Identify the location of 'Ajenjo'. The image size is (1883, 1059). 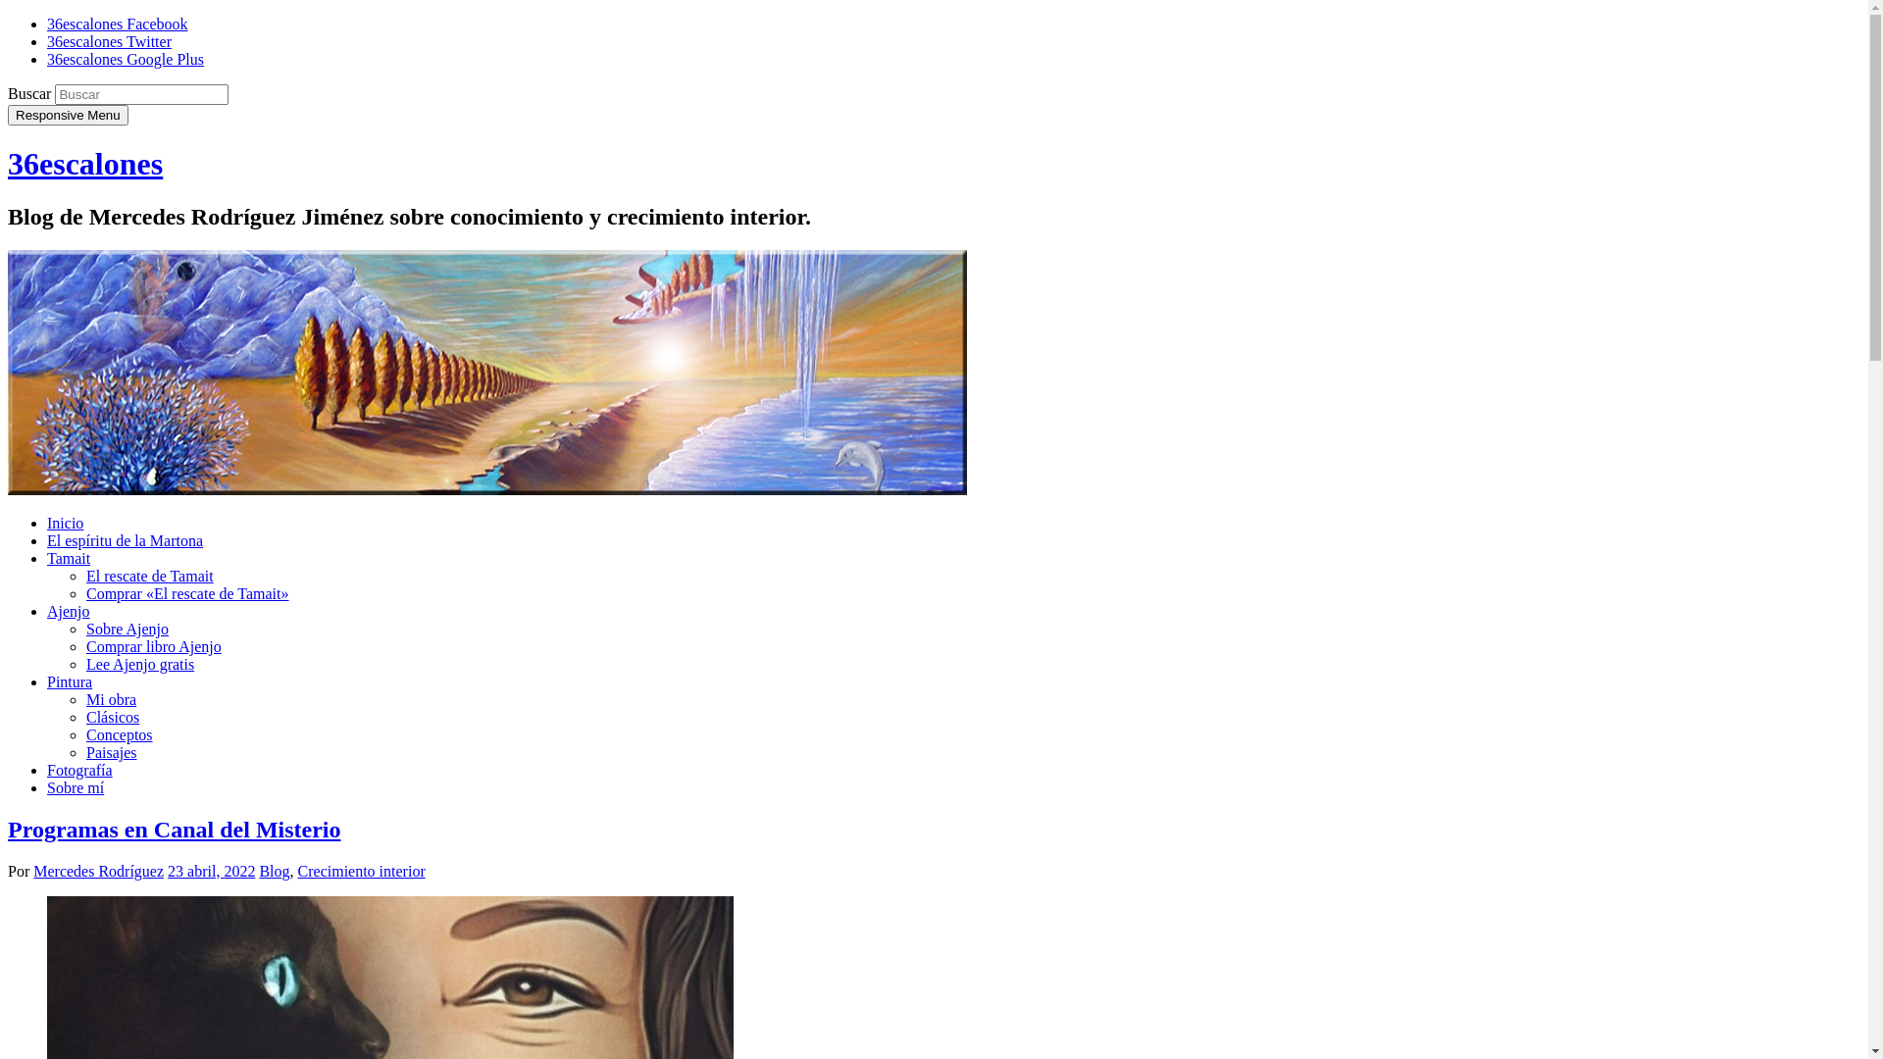
(69, 610).